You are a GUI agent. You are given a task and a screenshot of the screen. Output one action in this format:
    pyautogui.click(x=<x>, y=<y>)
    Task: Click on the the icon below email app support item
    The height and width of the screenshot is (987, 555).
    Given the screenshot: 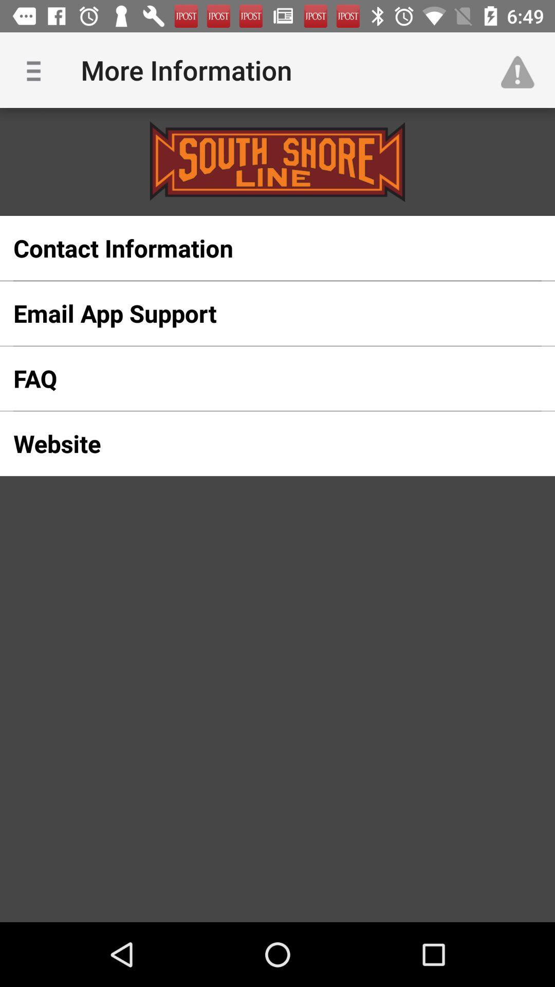 What is the action you would take?
    pyautogui.click(x=261, y=378)
    